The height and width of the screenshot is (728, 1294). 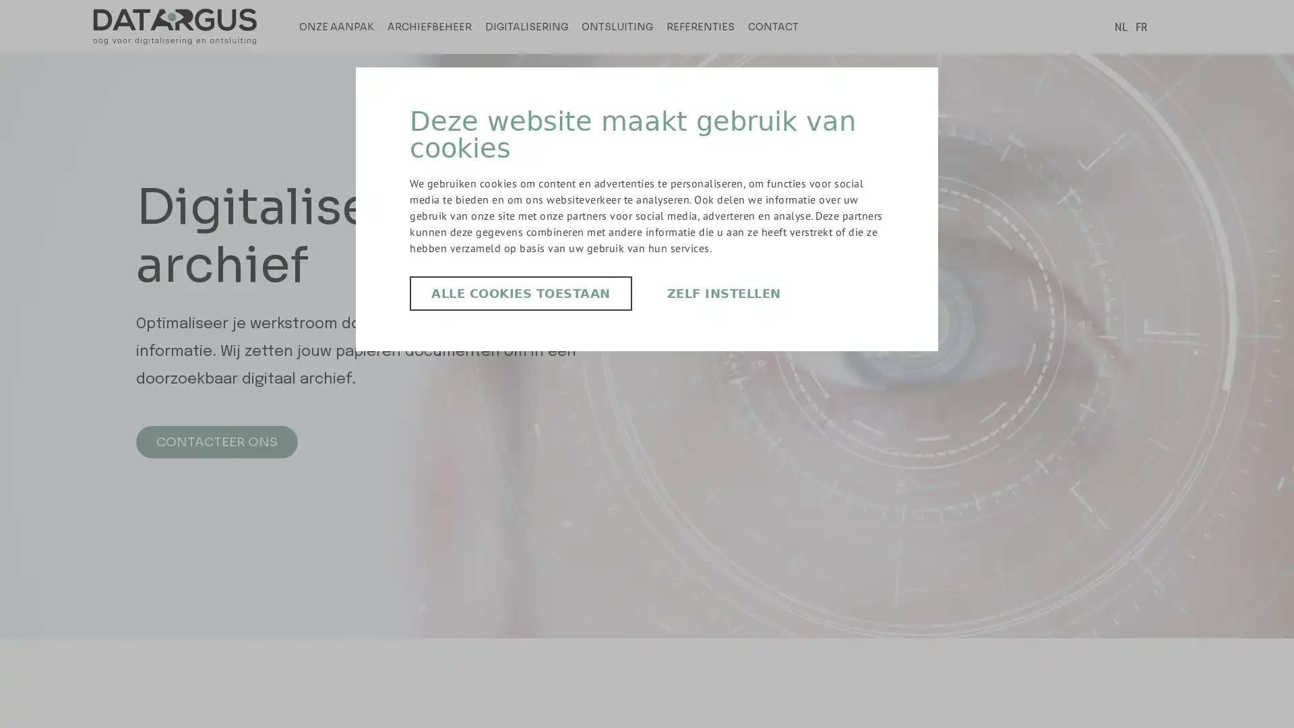 What do you see at coordinates (216, 442) in the screenshot?
I see `CONTACTEER ONS` at bounding box center [216, 442].